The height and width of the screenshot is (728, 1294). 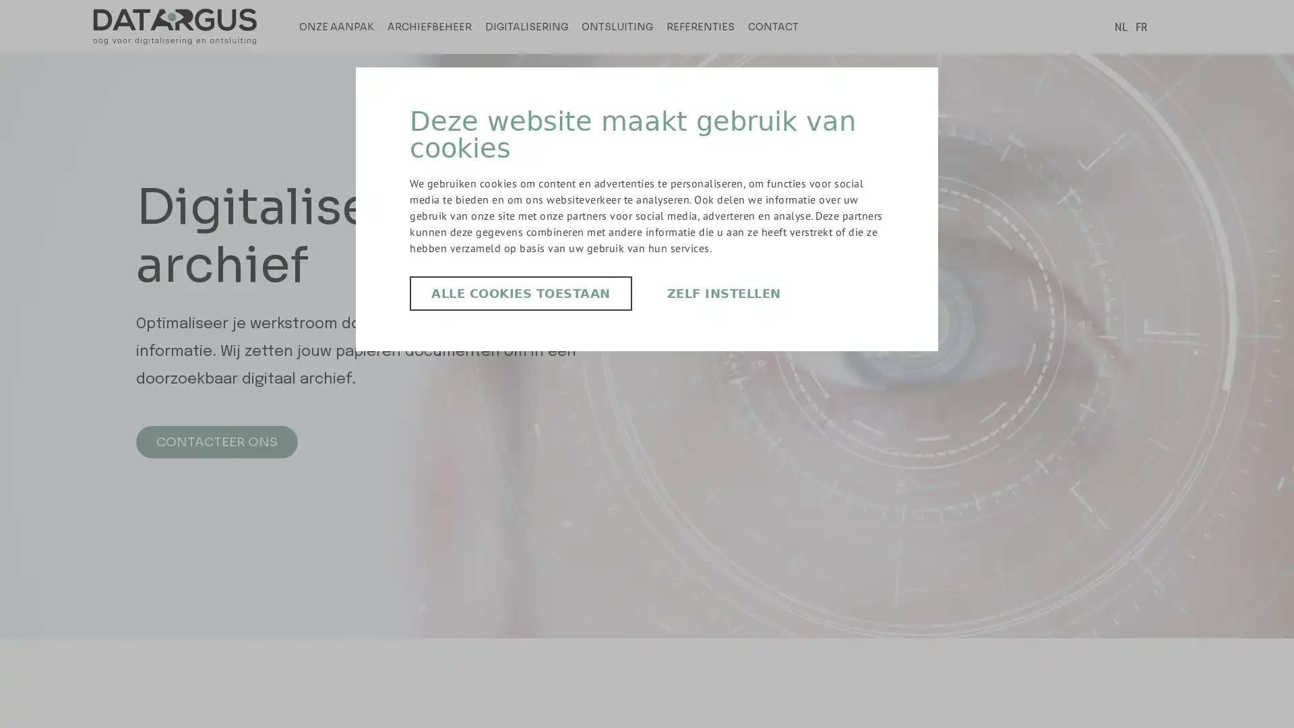 What do you see at coordinates (216, 442) in the screenshot?
I see `CONTACTEER ONS` at bounding box center [216, 442].